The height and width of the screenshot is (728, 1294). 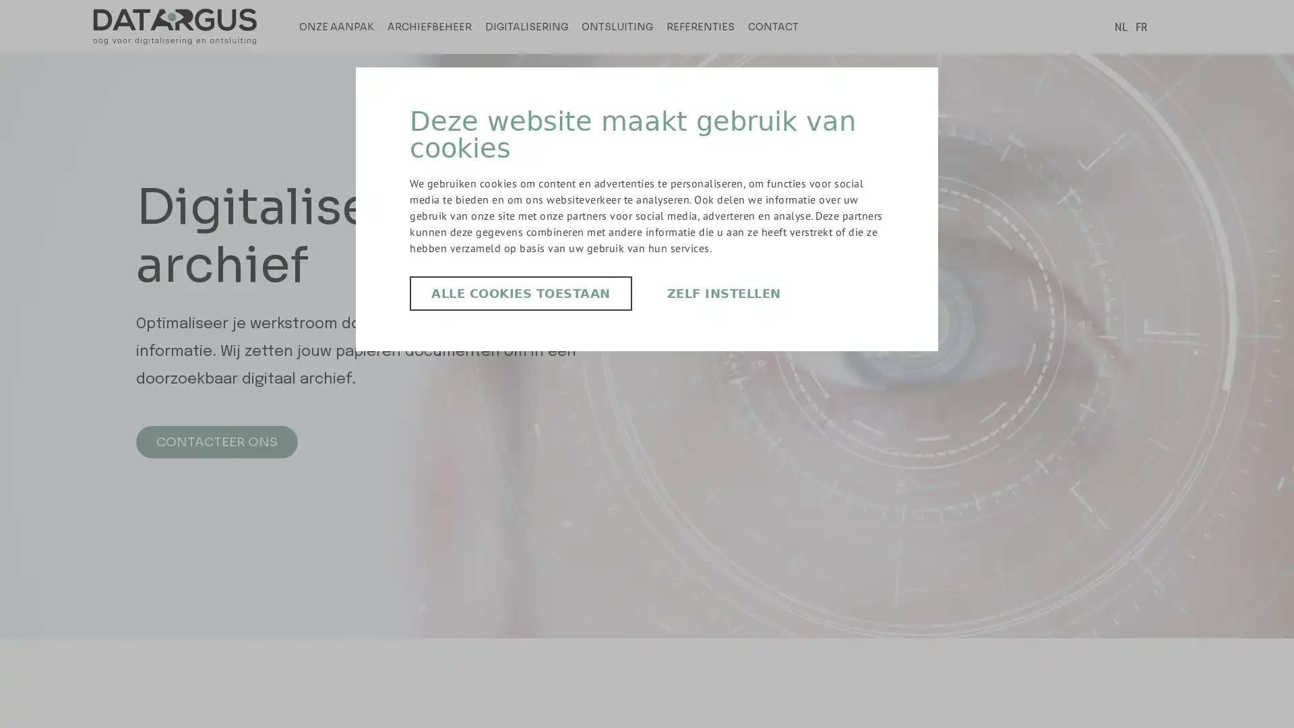 What do you see at coordinates (216, 442) in the screenshot?
I see `CONTACTEER ONS` at bounding box center [216, 442].